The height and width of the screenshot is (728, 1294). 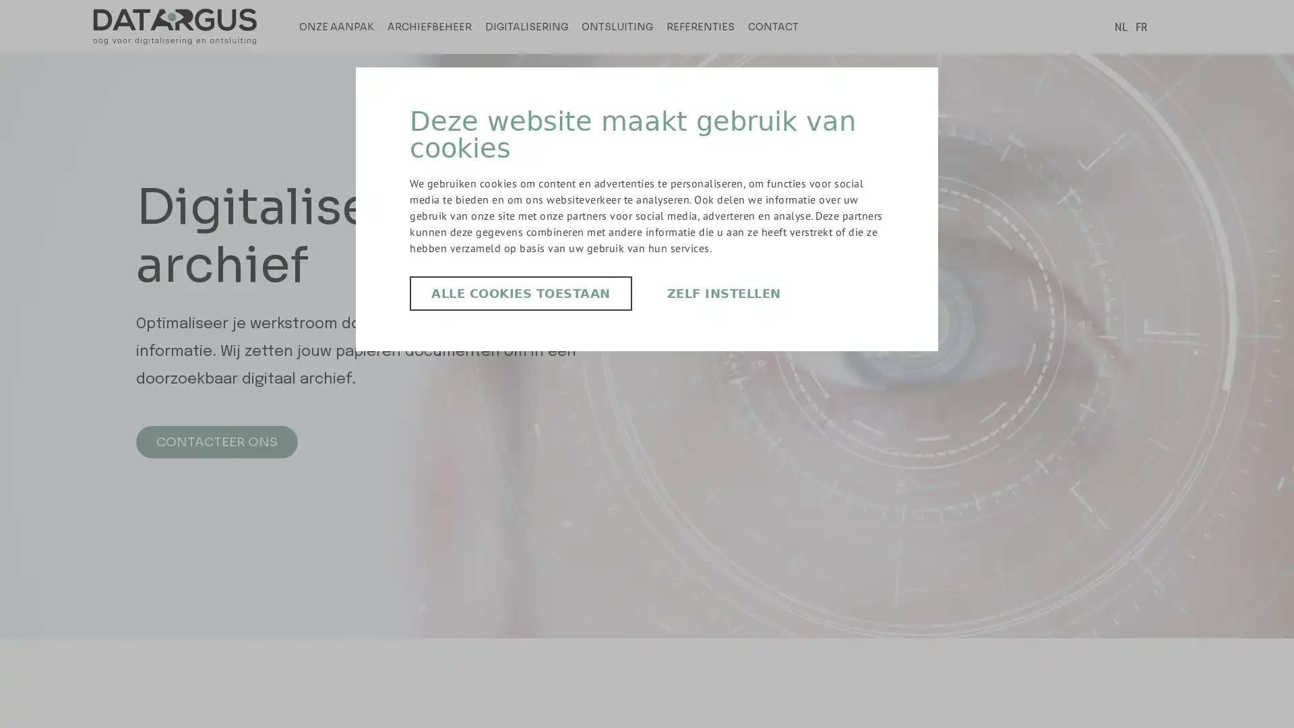 What do you see at coordinates (216, 442) in the screenshot?
I see `CONTACTEER ONS` at bounding box center [216, 442].